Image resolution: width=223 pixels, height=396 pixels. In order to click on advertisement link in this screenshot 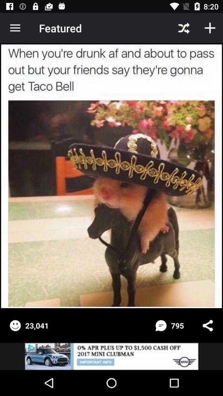, I will do `click(111, 356)`.